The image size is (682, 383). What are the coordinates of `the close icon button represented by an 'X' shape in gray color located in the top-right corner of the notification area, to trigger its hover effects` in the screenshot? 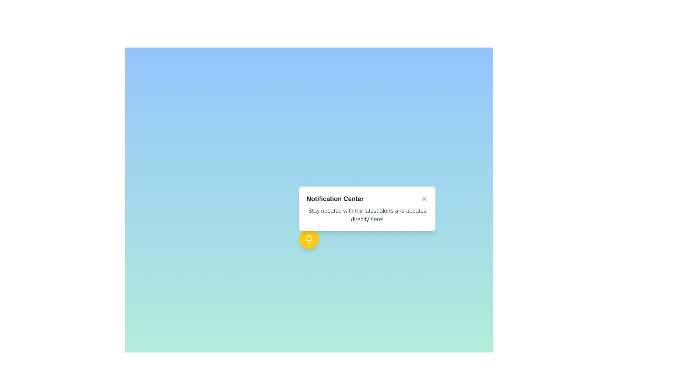 It's located at (424, 199).